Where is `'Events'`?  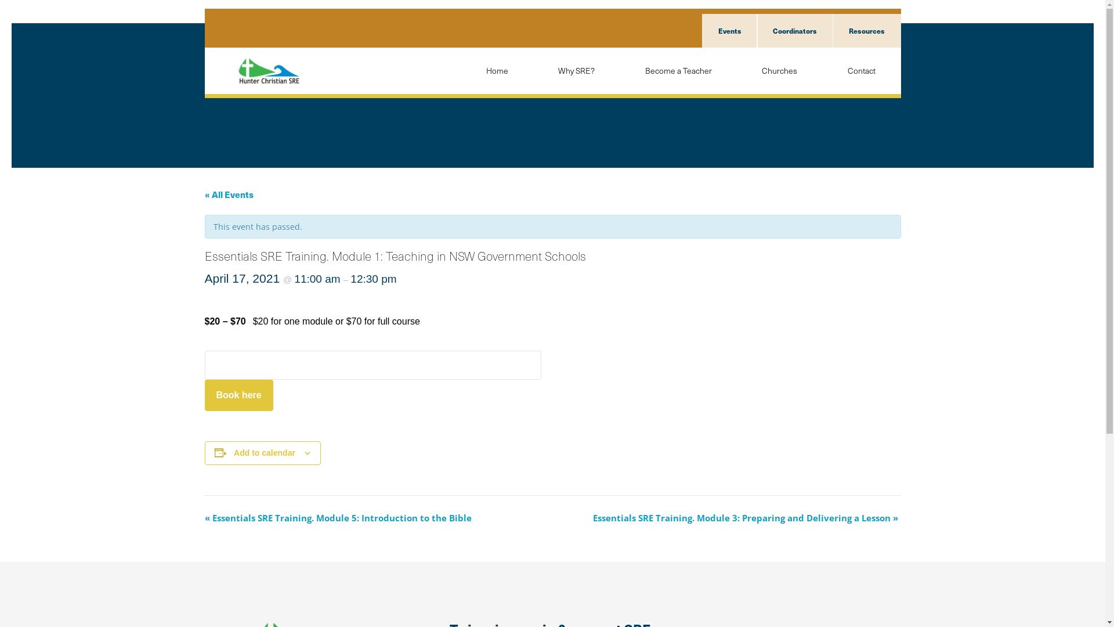
'Events' is located at coordinates (701, 30).